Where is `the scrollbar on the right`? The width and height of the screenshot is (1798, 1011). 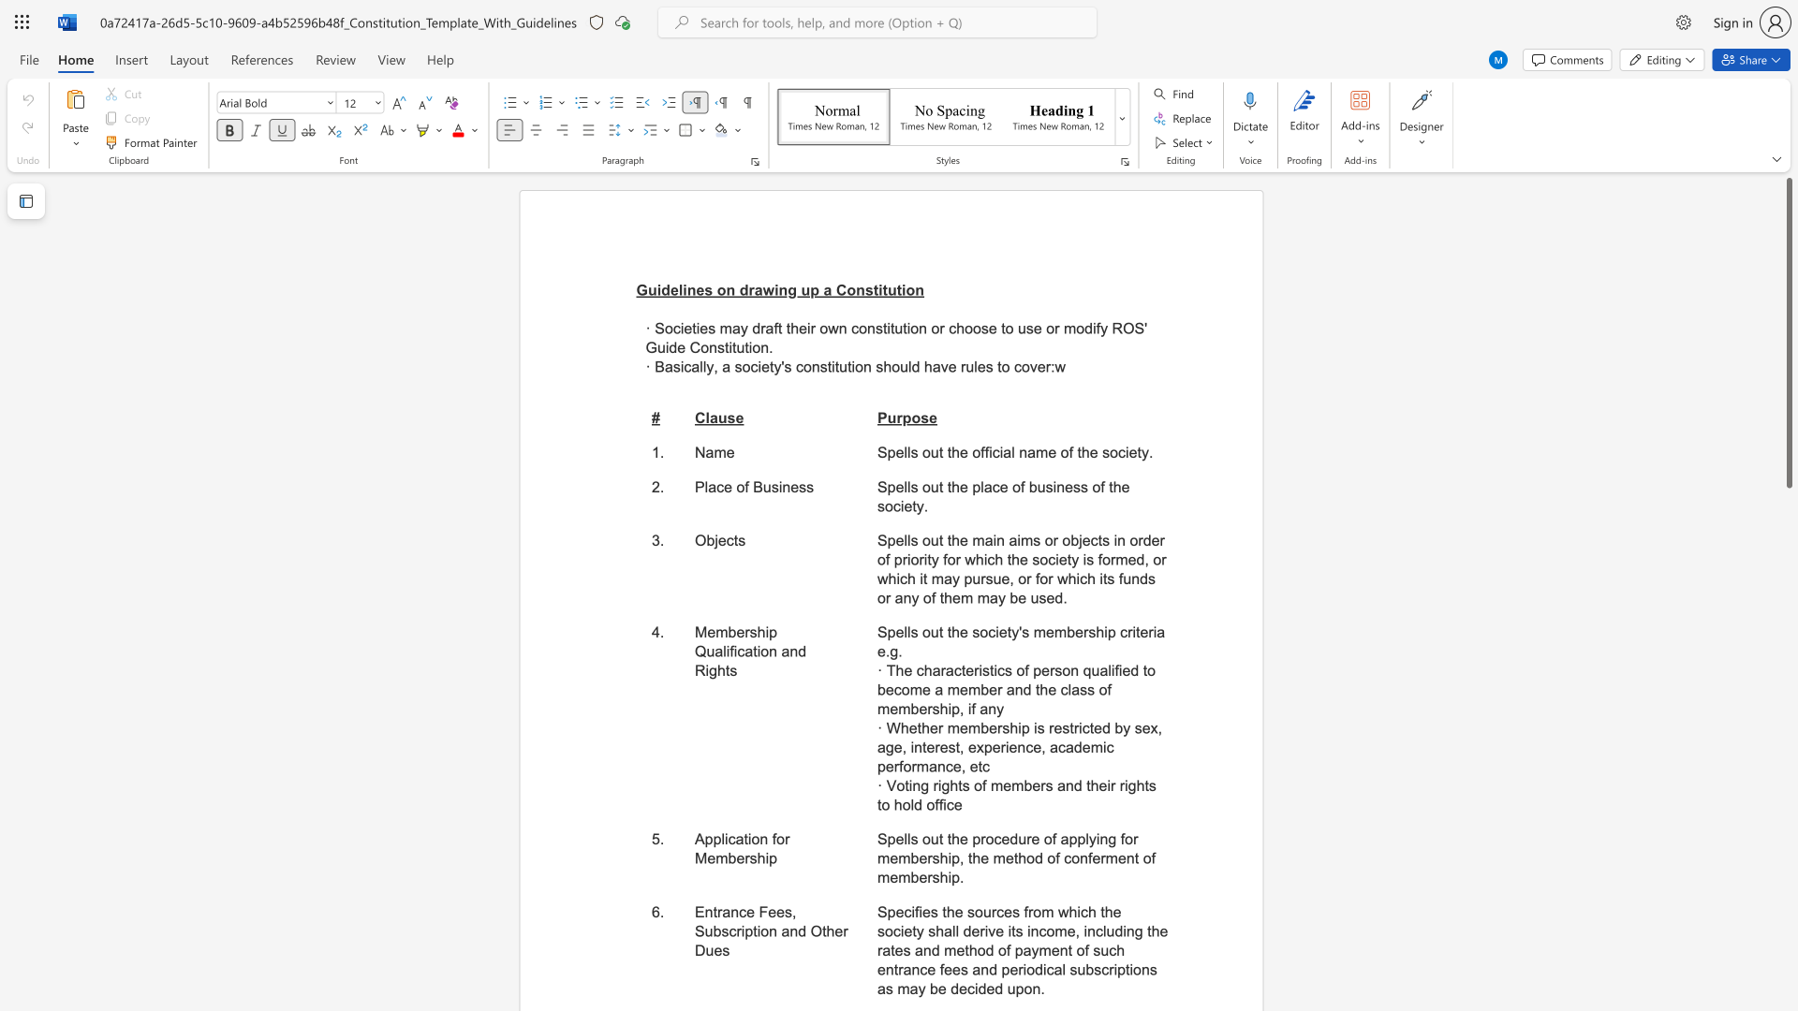
the scrollbar on the right is located at coordinates (1788, 515).